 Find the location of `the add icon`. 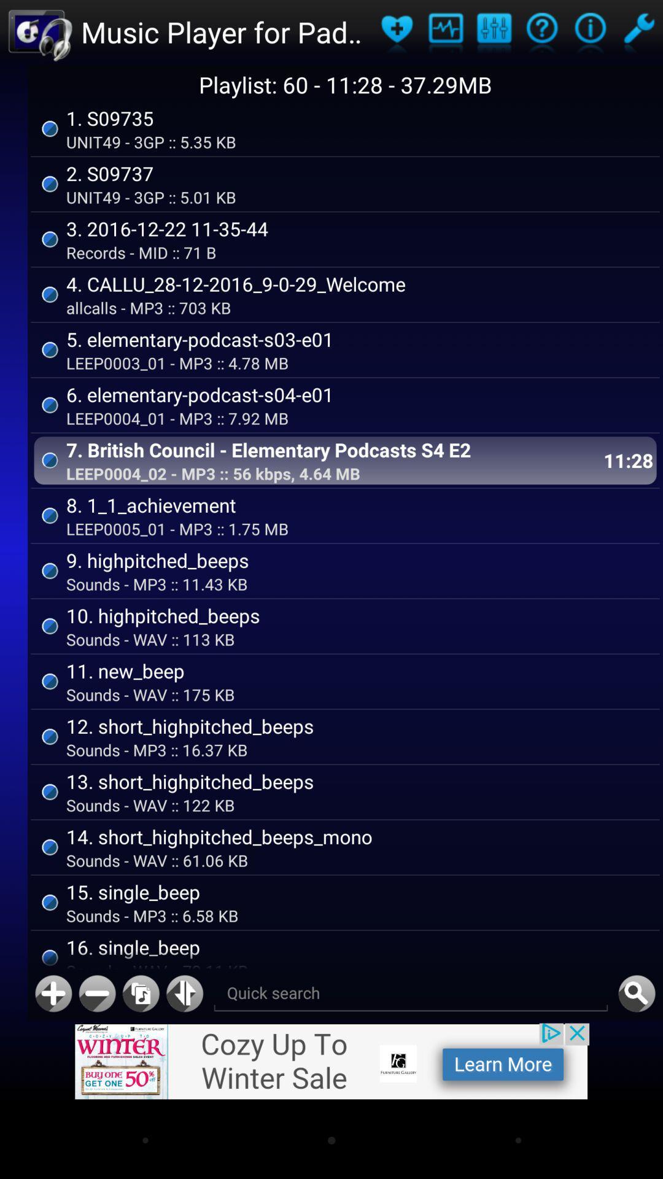

the add icon is located at coordinates (53, 1062).